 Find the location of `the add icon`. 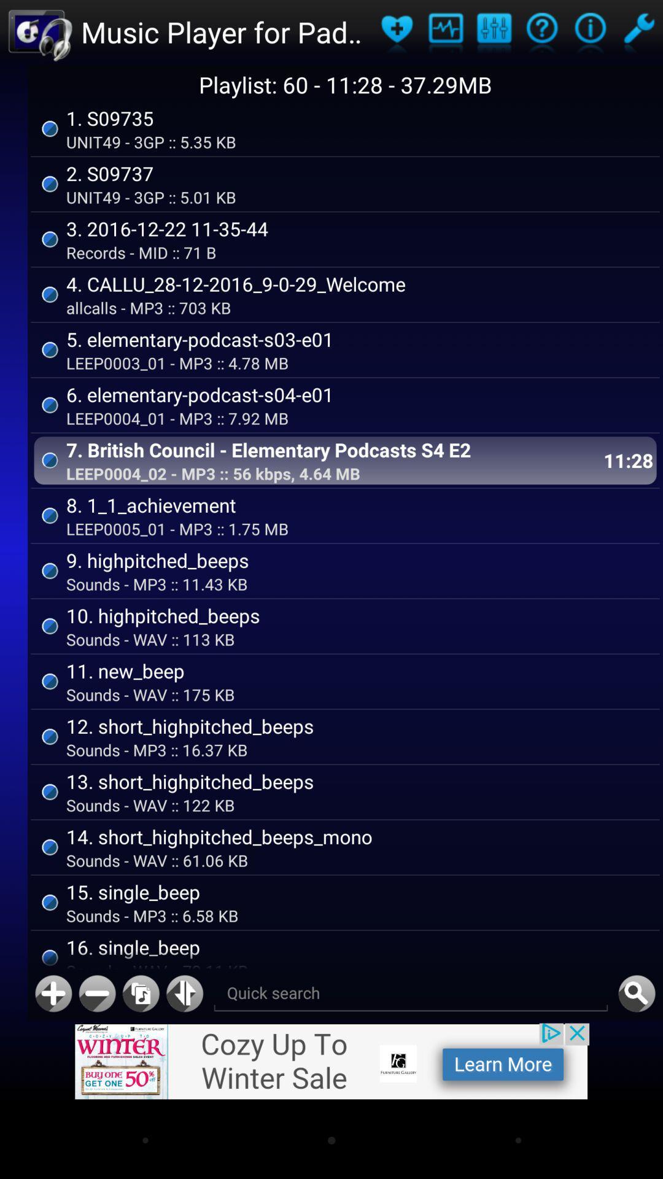

the add icon is located at coordinates (53, 1062).